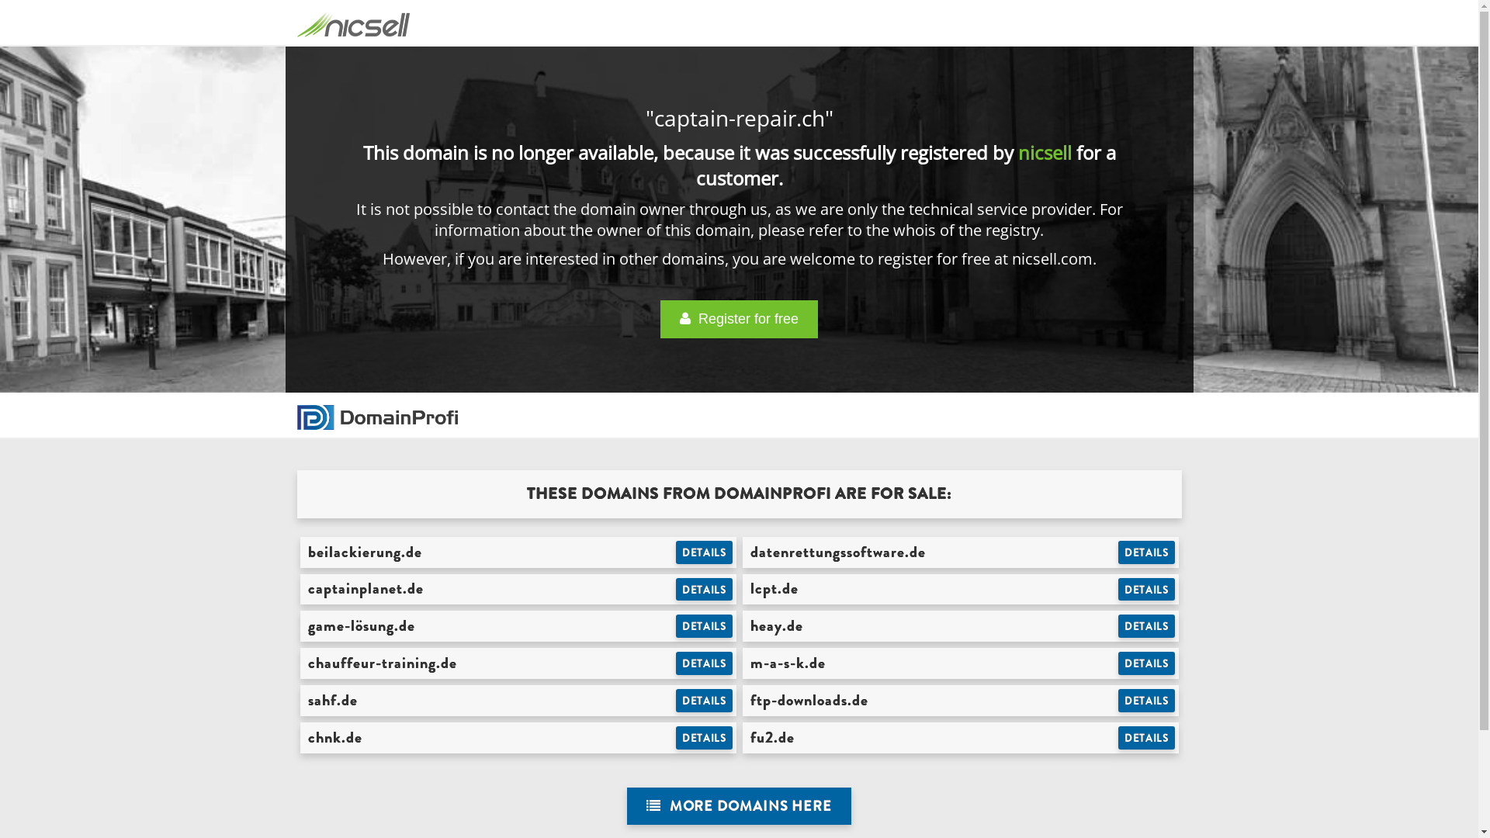  Describe the element at coordinates (1045, 152) in the screenshot. I see `'nicsell'` at that location.